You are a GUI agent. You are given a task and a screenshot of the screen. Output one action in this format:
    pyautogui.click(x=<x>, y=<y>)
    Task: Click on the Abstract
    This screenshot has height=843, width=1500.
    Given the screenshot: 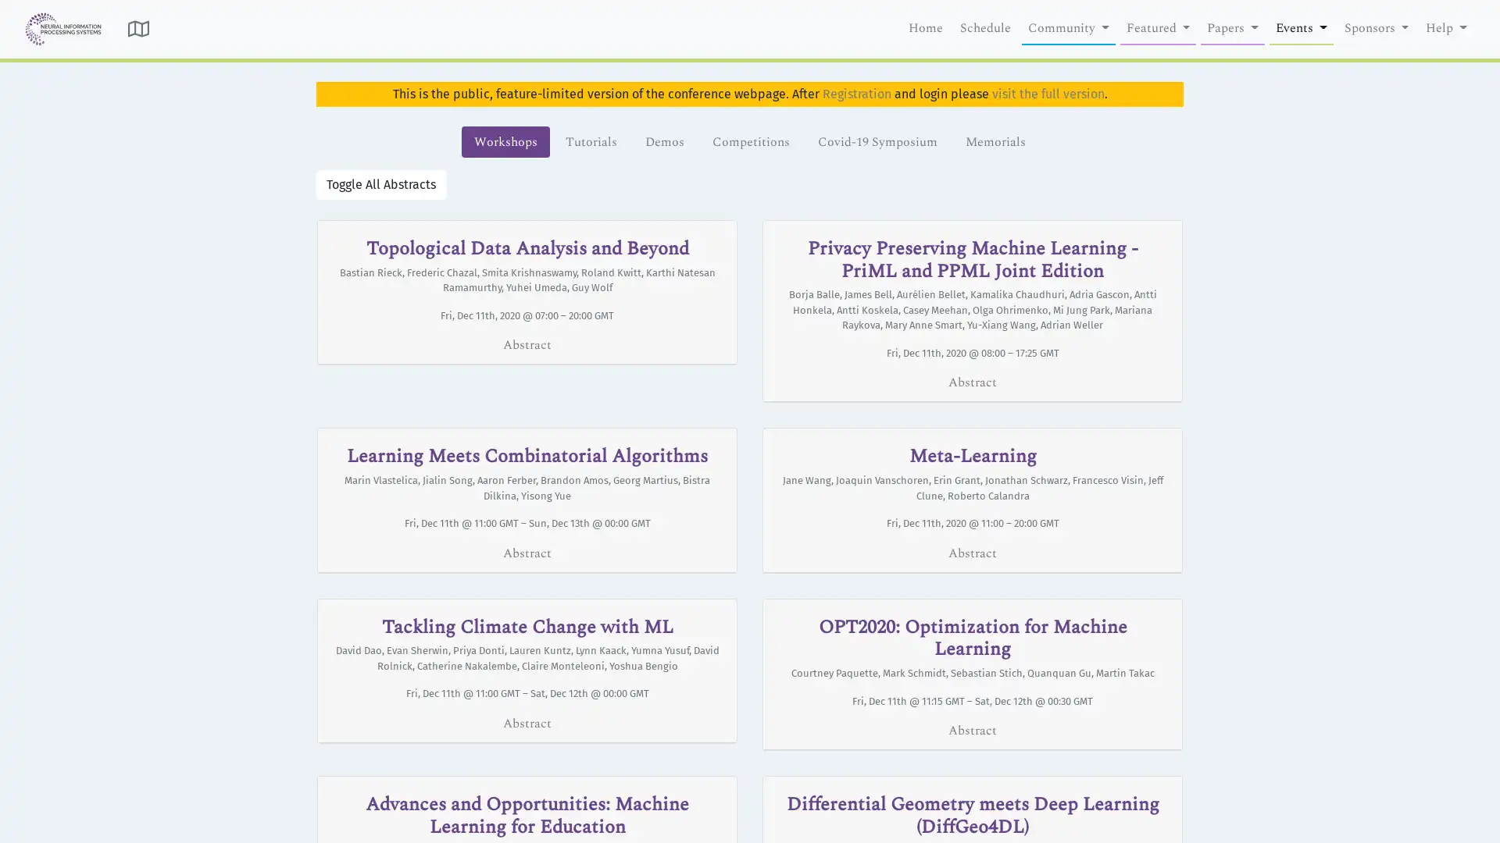 What is the action you would take?
    pyautogui.click(x=971, y=731)
    